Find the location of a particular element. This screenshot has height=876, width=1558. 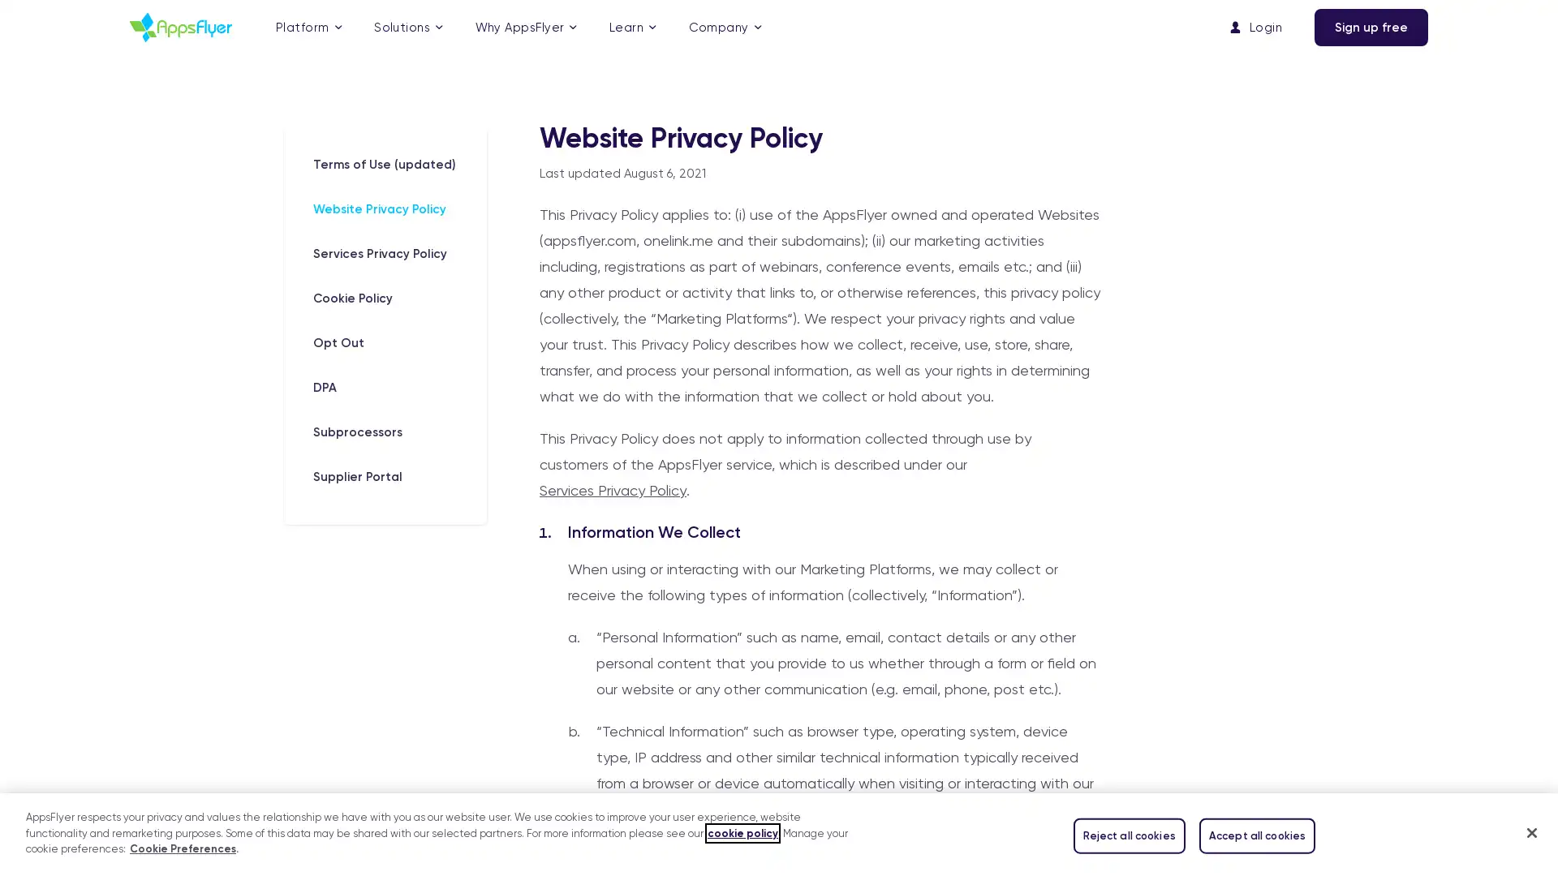

Close is located at coordinates (1530, 832).